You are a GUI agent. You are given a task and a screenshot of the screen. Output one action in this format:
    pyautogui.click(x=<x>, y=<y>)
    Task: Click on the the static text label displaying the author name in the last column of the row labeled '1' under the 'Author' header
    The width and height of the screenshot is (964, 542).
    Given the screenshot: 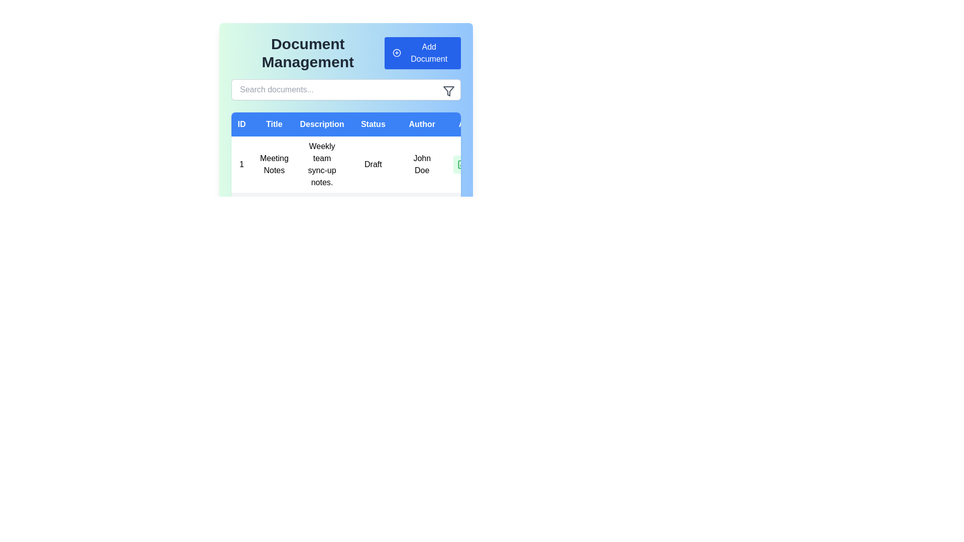 What is the action you would take?
    pyautogui.click(x=422, y=164)
    